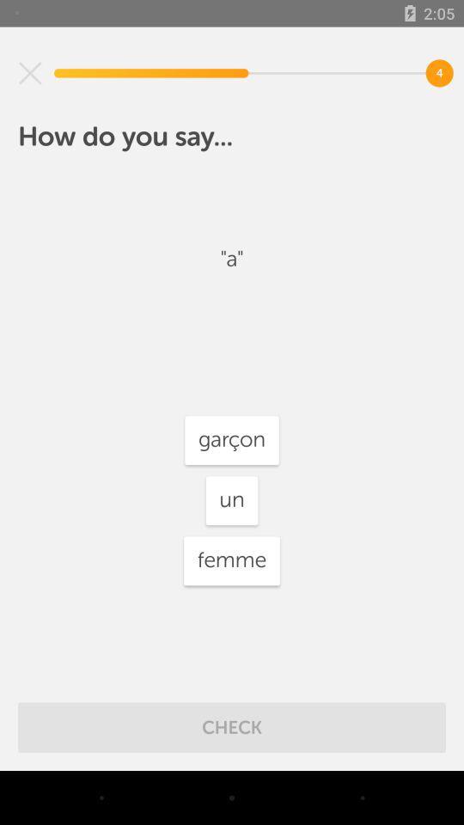 The width and height of the screenshot is (464, 825). Describe the element at coordinates (30, 73) in the screenshot. I see `the star icon` at that location.